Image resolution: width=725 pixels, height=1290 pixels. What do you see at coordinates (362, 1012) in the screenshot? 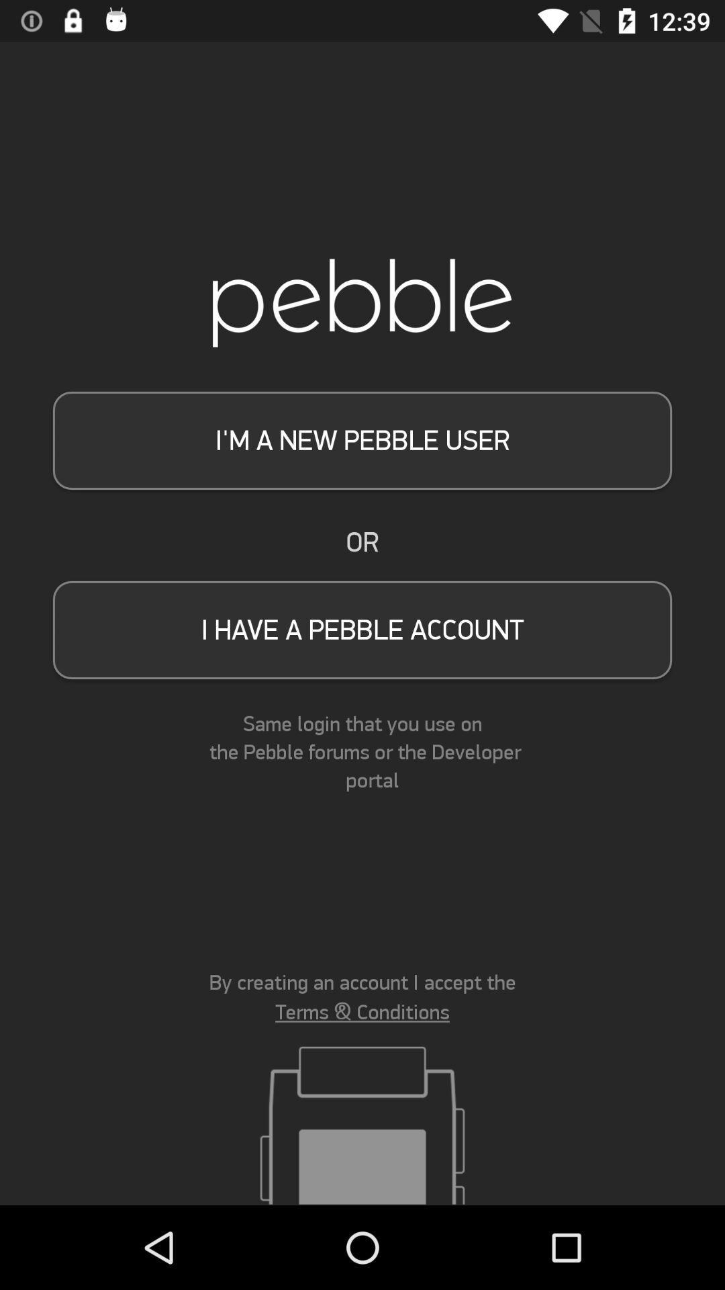
I see `the terms & conditions item` at bounding box center [362, 1012].